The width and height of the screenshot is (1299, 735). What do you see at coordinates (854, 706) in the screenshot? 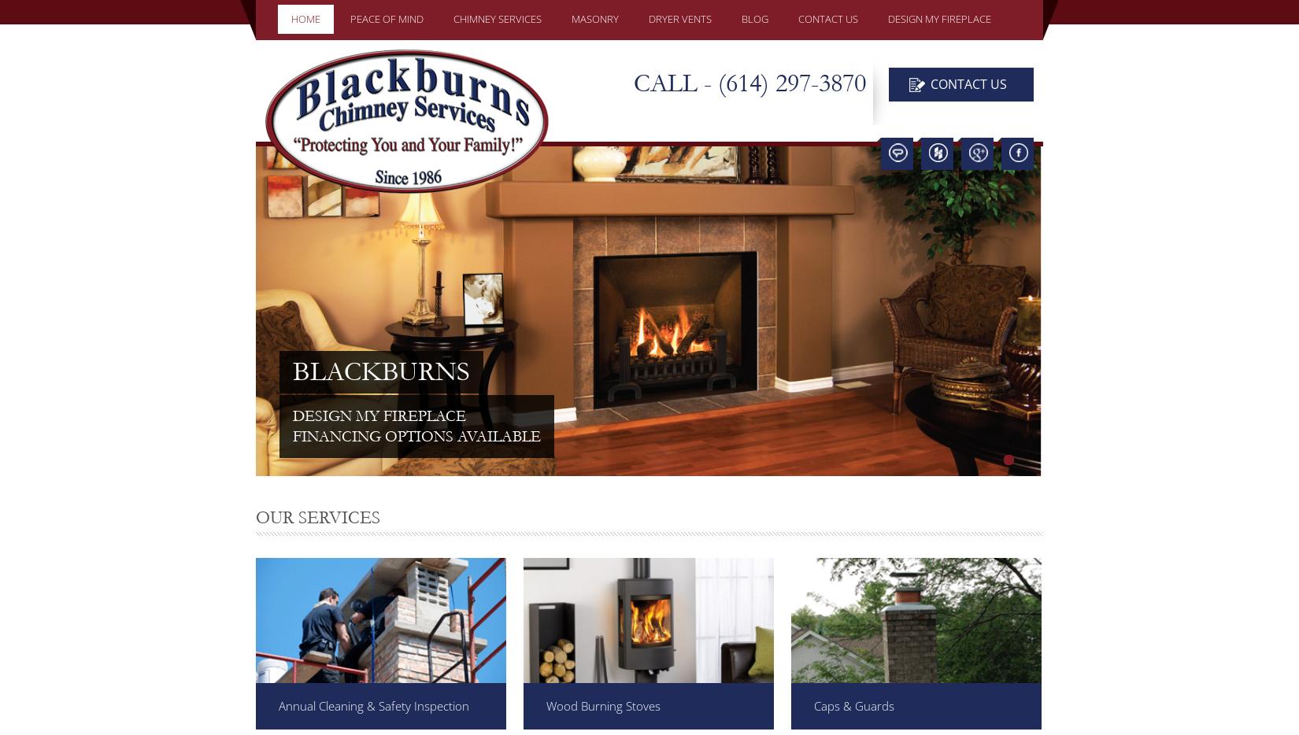
I see `'Caps & Guards'` at bounding box center [854, 706].